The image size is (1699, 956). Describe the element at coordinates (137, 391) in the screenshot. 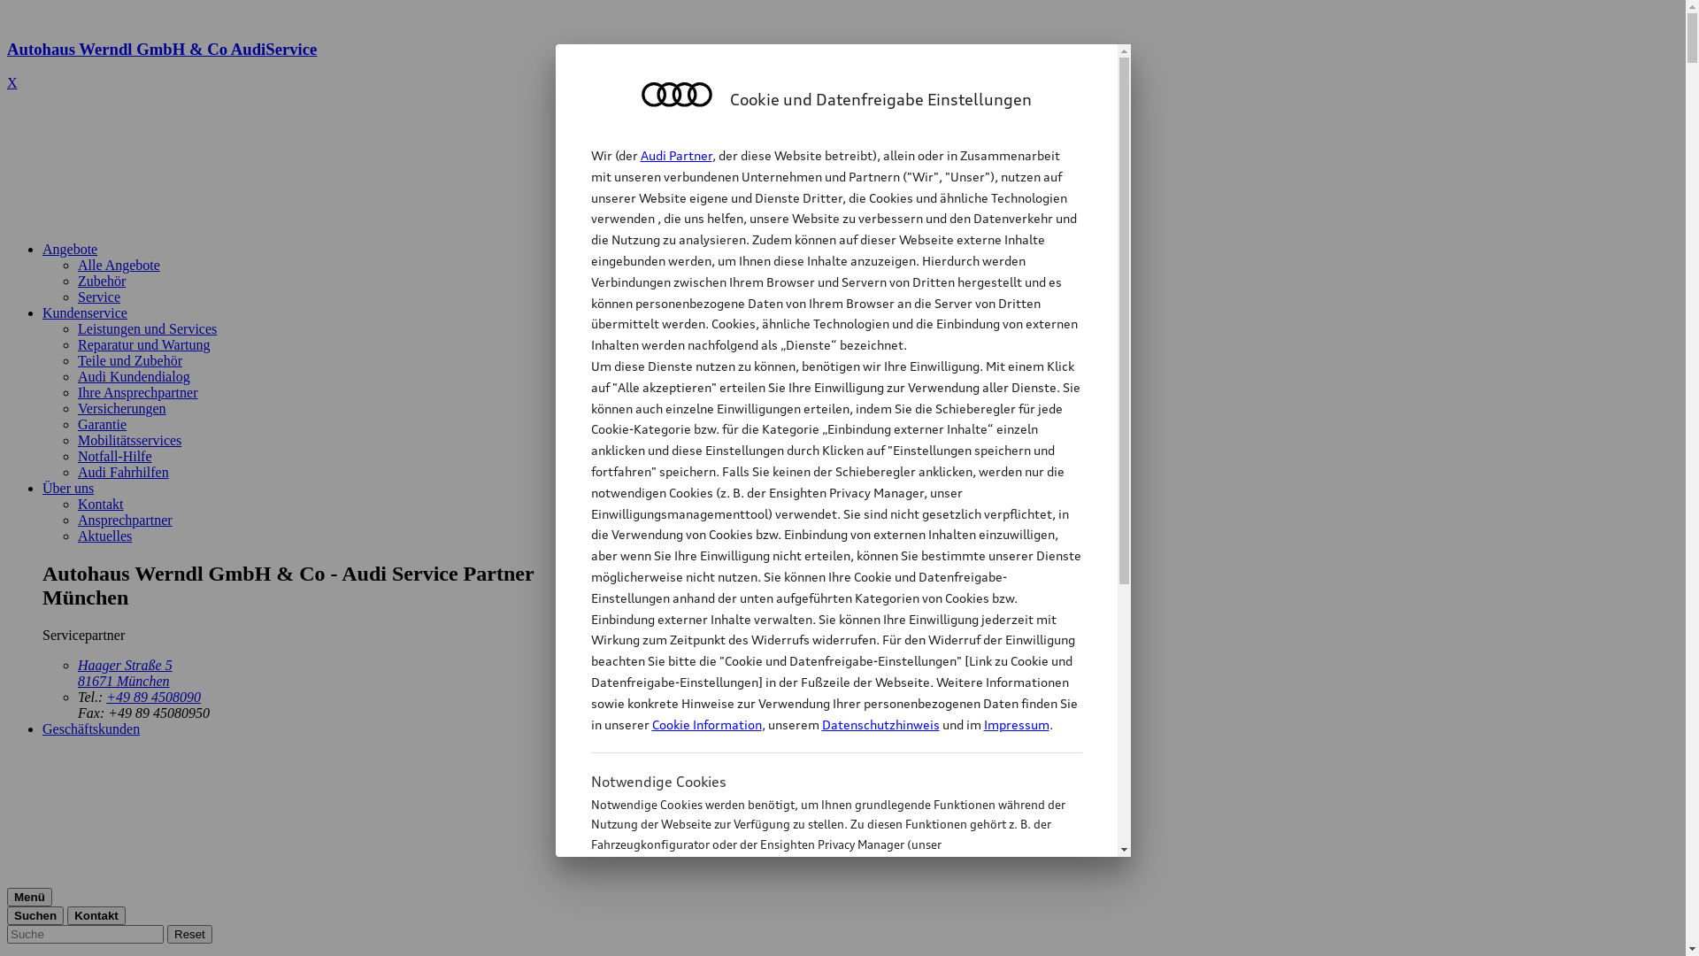

I see `'Ihre Ansprechpartner'` at that location.